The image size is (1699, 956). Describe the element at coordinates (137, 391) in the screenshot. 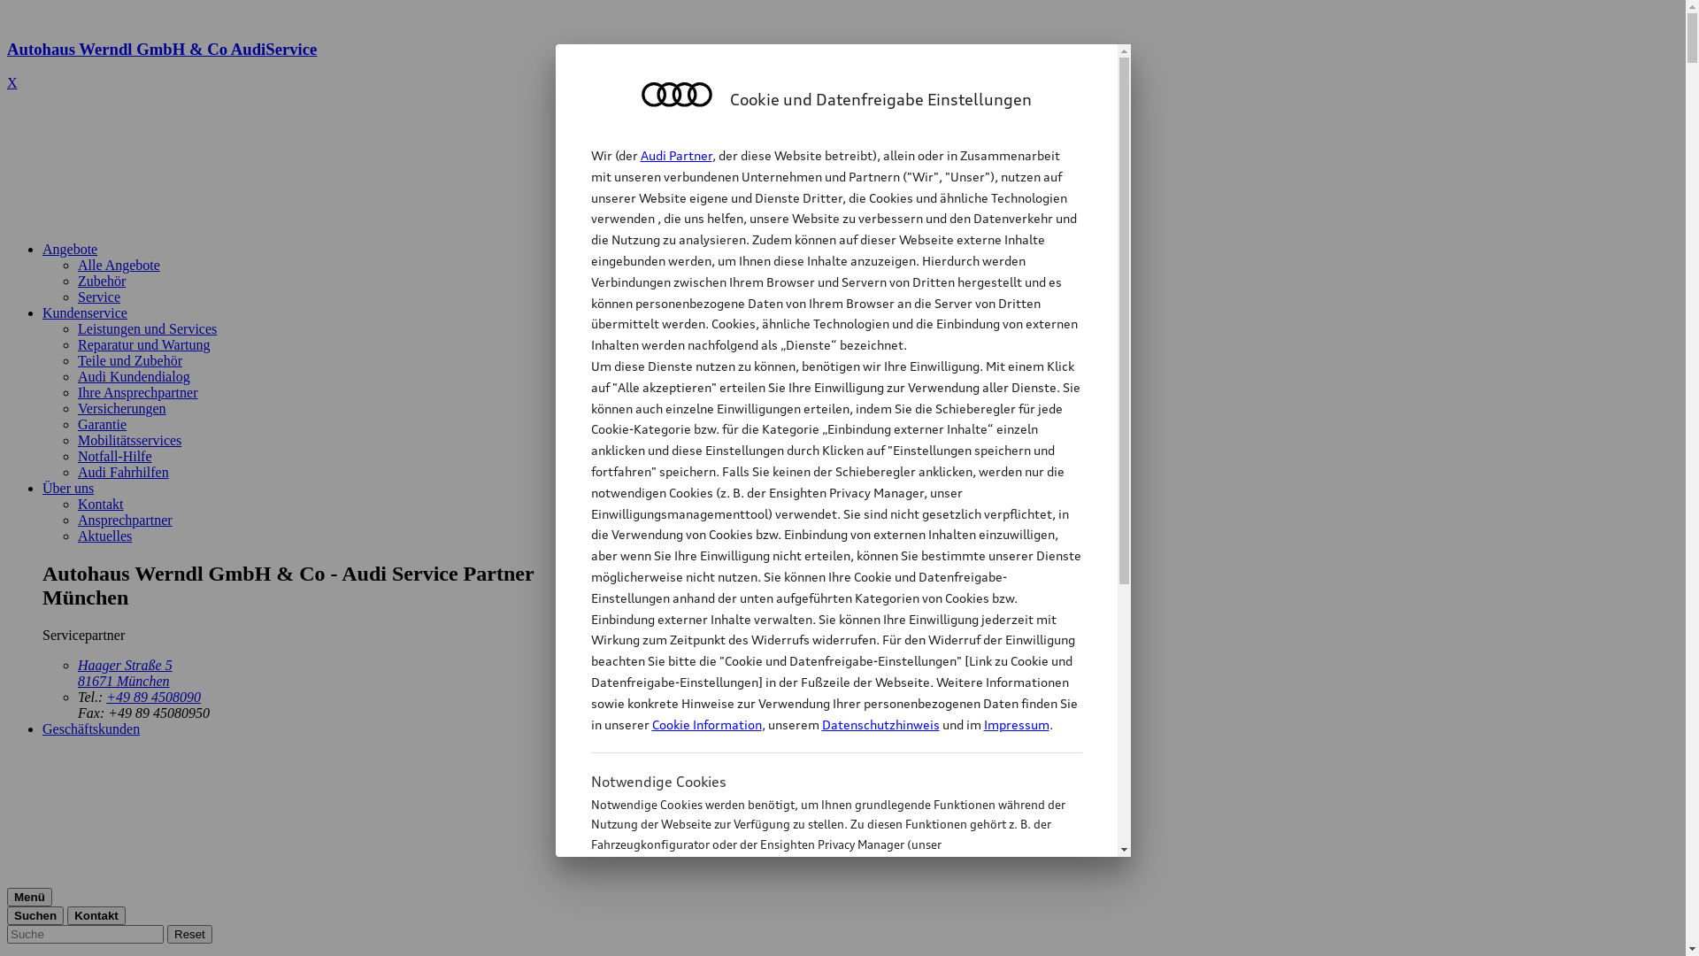

I see `'Ihre Ansprechpartner'` at that location.